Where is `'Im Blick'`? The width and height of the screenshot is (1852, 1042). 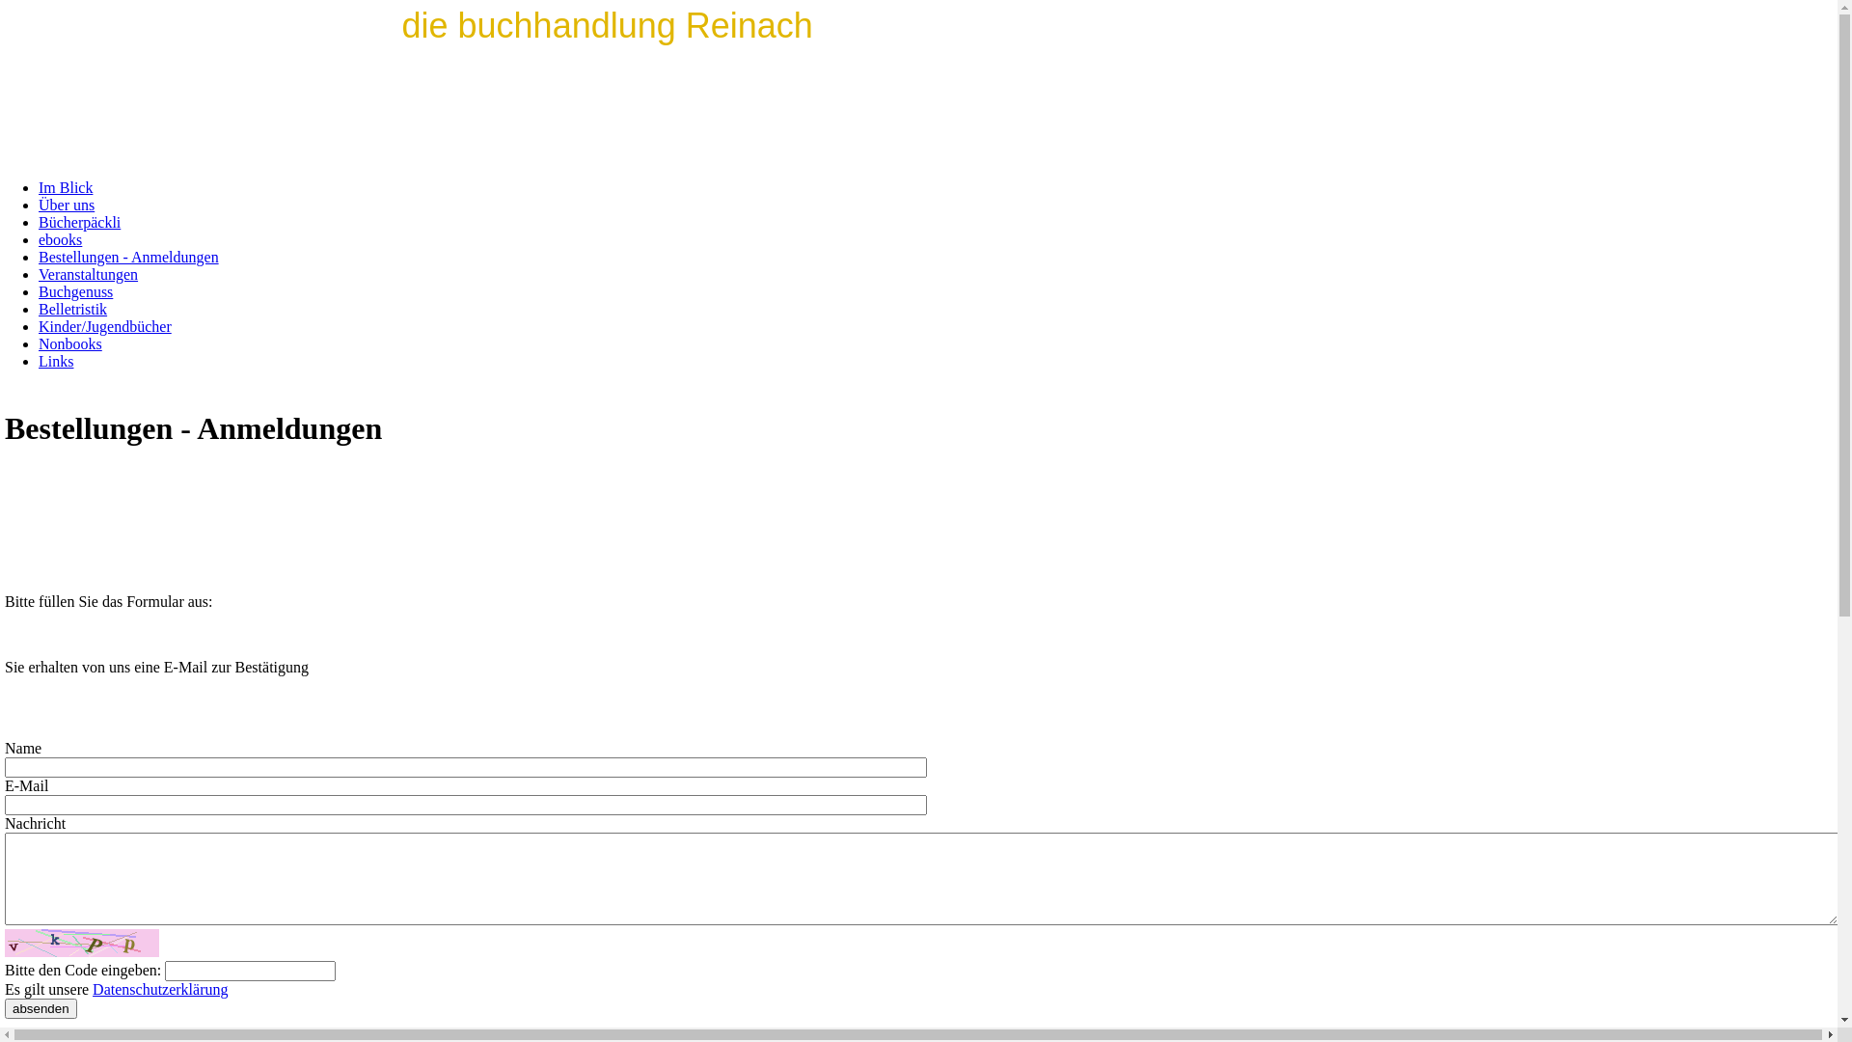
'Im Blick' is located at coordinates (65, 187).